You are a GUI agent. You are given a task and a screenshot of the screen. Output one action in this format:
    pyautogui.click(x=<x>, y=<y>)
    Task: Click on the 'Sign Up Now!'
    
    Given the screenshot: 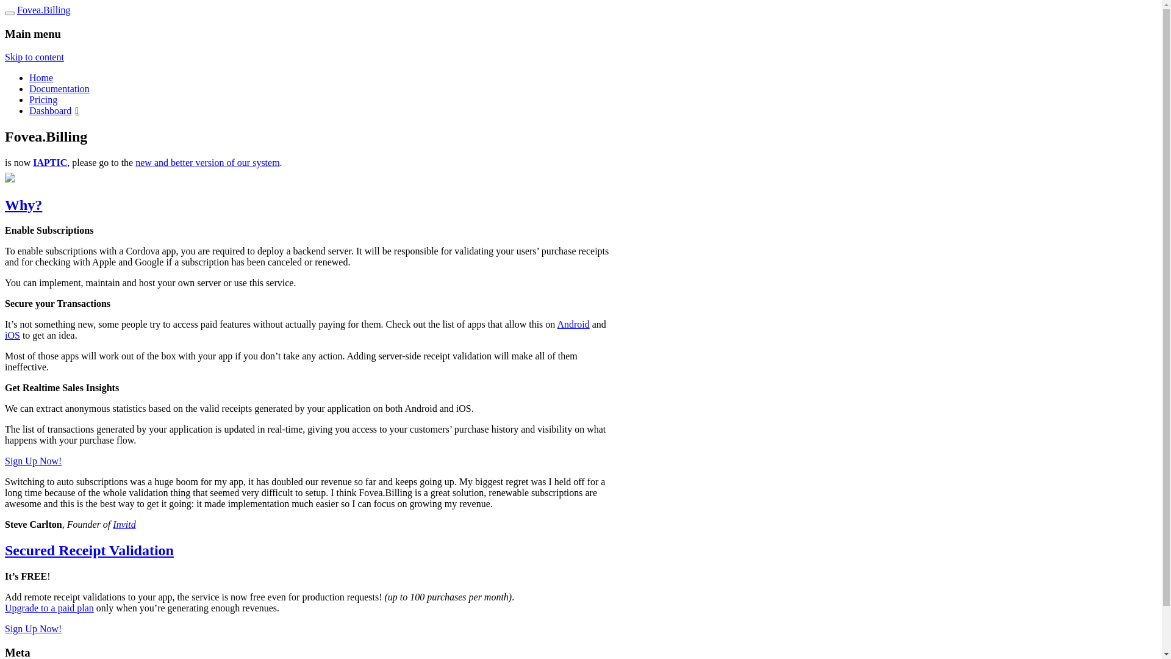 What is the action you would take?
    pyautogui.click(x=33, y=461)
    